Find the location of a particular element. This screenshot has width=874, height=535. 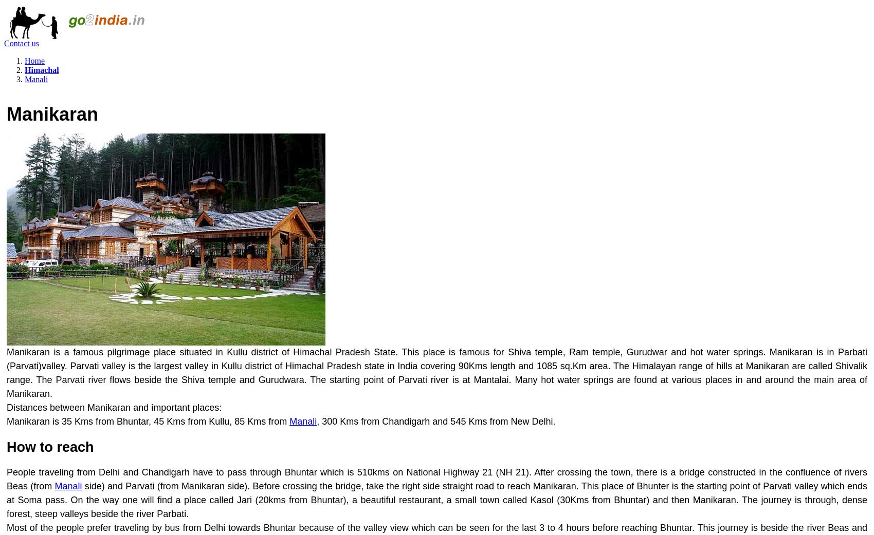

'Himachal' is located at coordinates (41, 70).